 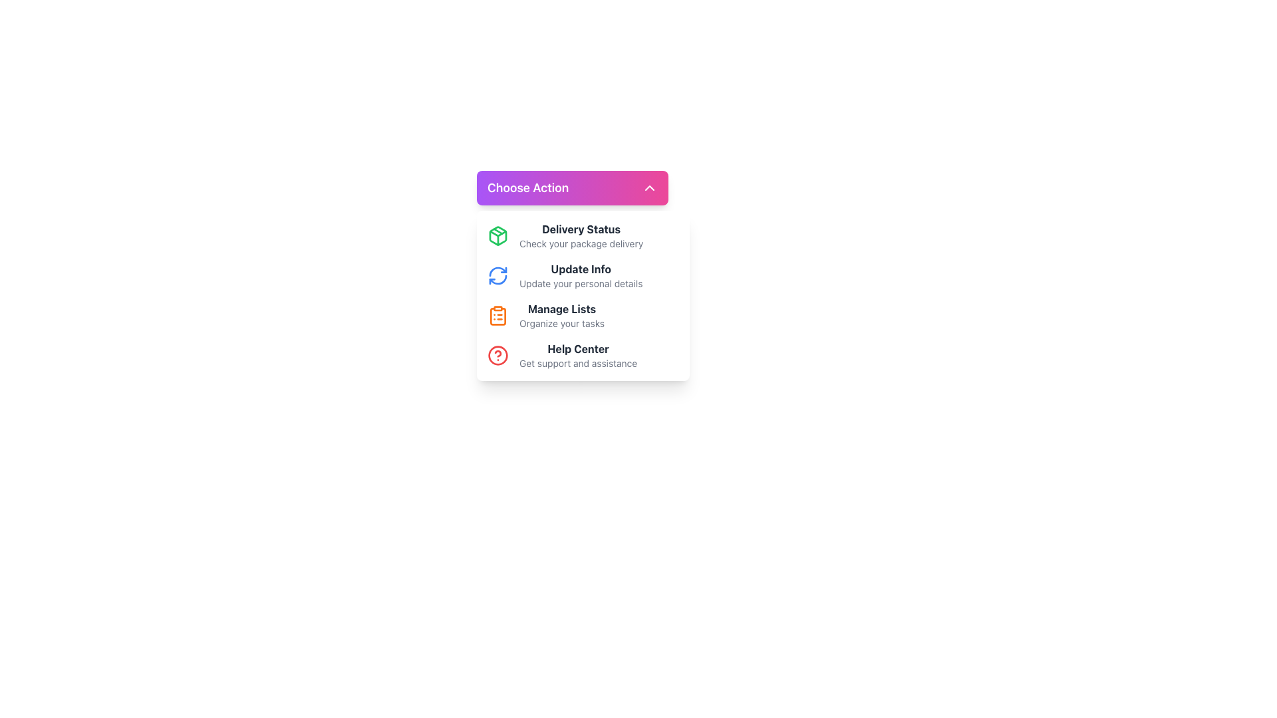 I want to click on the upward-pointing chevron icon located in the top right corner of the 'Choose Action' button with a purple-to-pink gradient background, so click(x=650, y=187).